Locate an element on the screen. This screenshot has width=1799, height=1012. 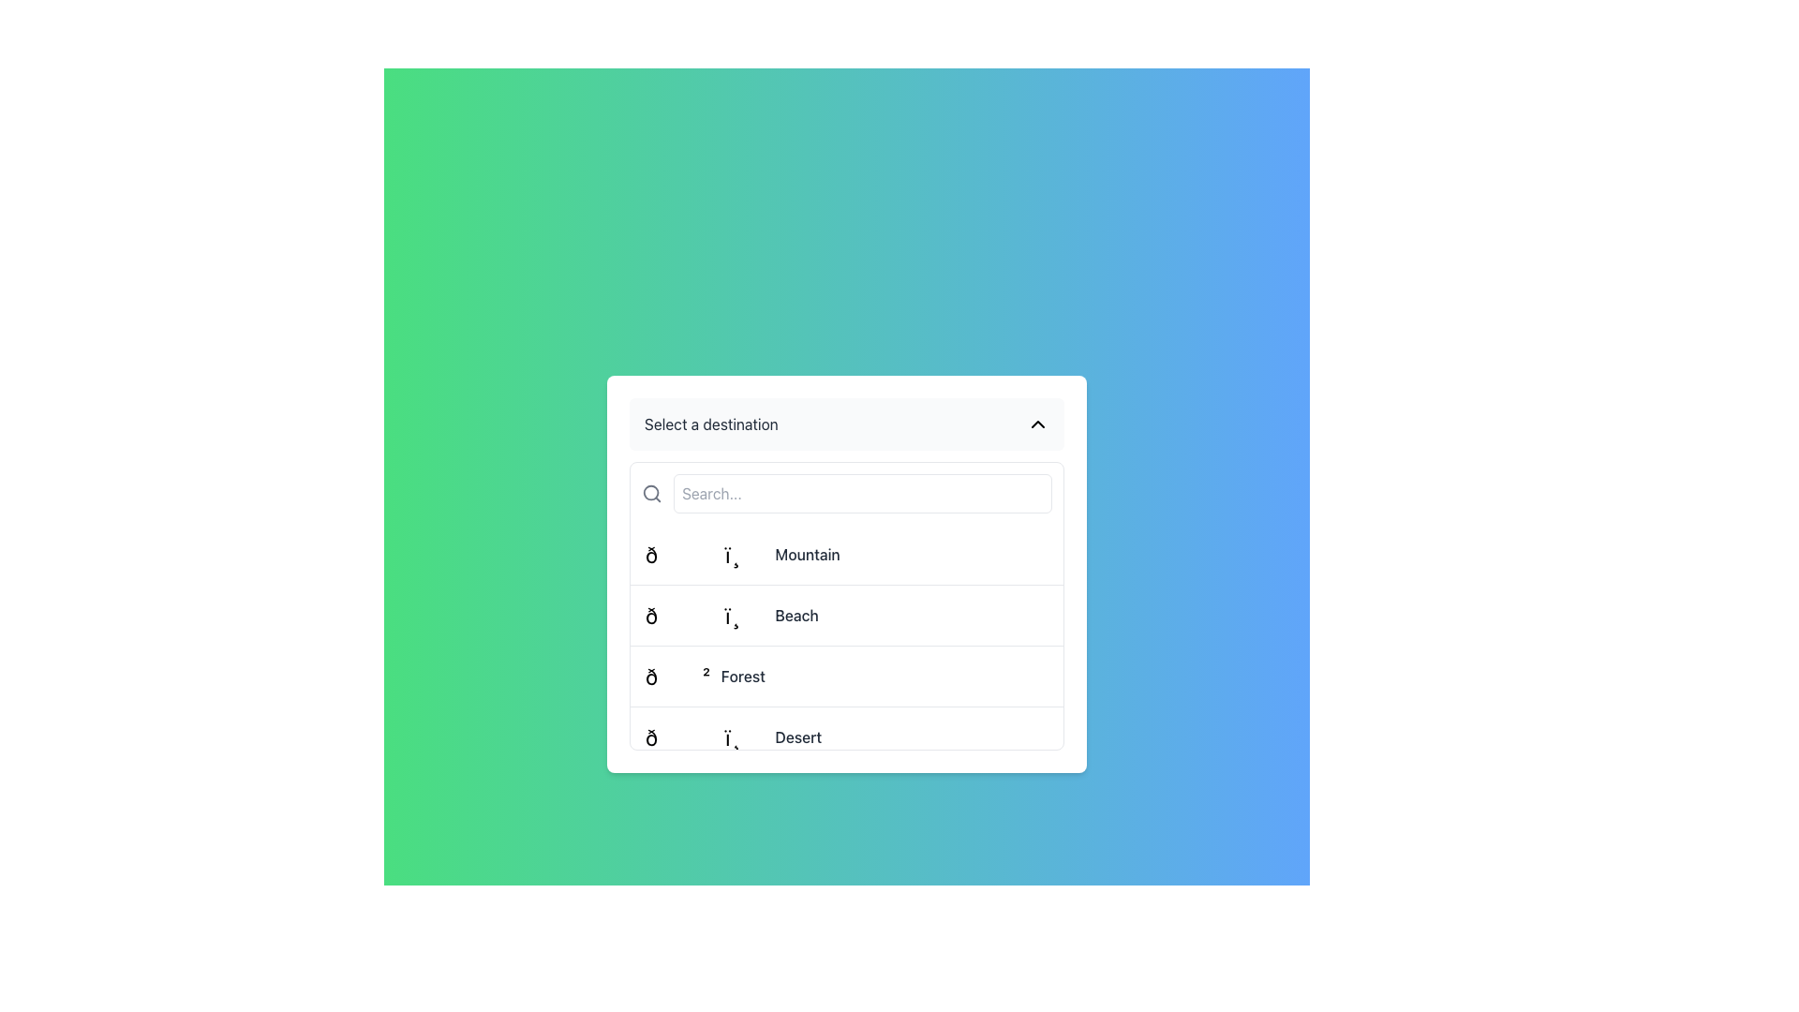
the text label displaying 'Desert' in gray color, which is the last option in the dropdown menu titled 'Select a destination' is located at coordinates (798, 736).